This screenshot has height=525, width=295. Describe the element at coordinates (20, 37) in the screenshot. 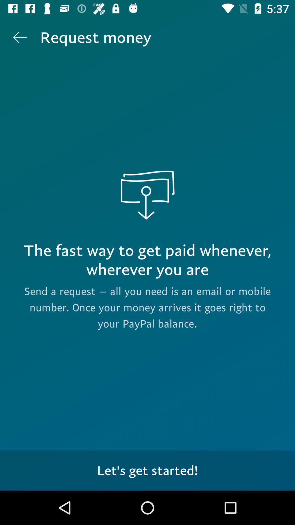

I see `item next to request money` at that location.